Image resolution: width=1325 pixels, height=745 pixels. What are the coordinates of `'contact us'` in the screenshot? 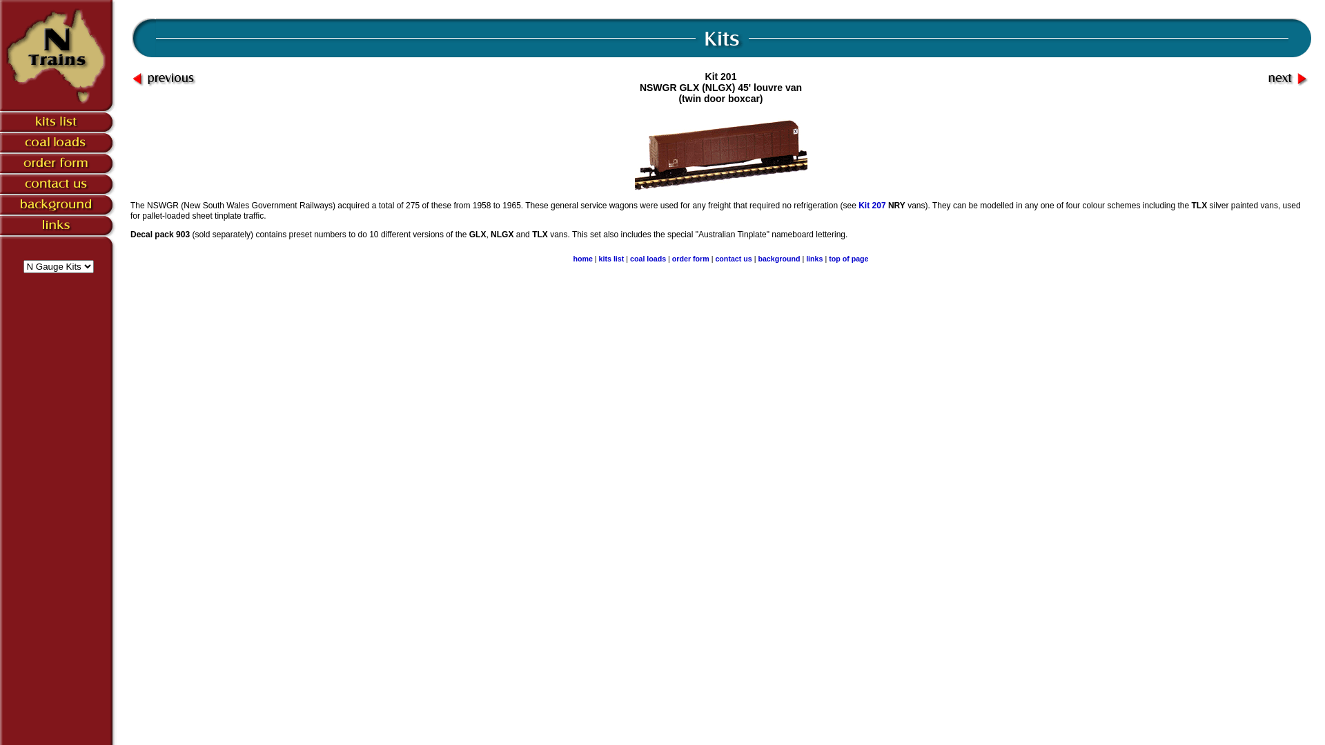 It's located at (732, 258).